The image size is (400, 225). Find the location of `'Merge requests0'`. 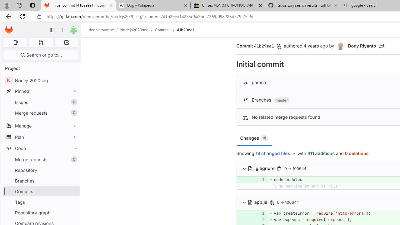

'Merge requests0' is located at coordinates (41, 159).